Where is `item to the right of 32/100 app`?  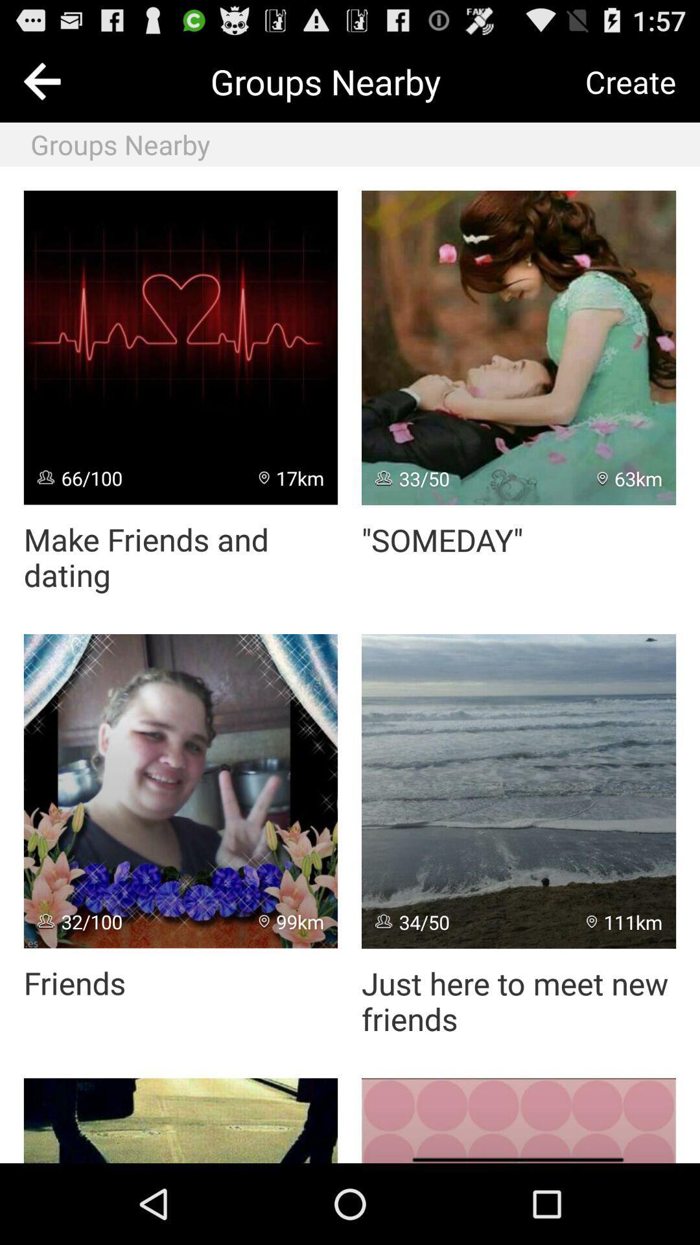 item to the right of 32/100 app is located at coordinates (292, 921).